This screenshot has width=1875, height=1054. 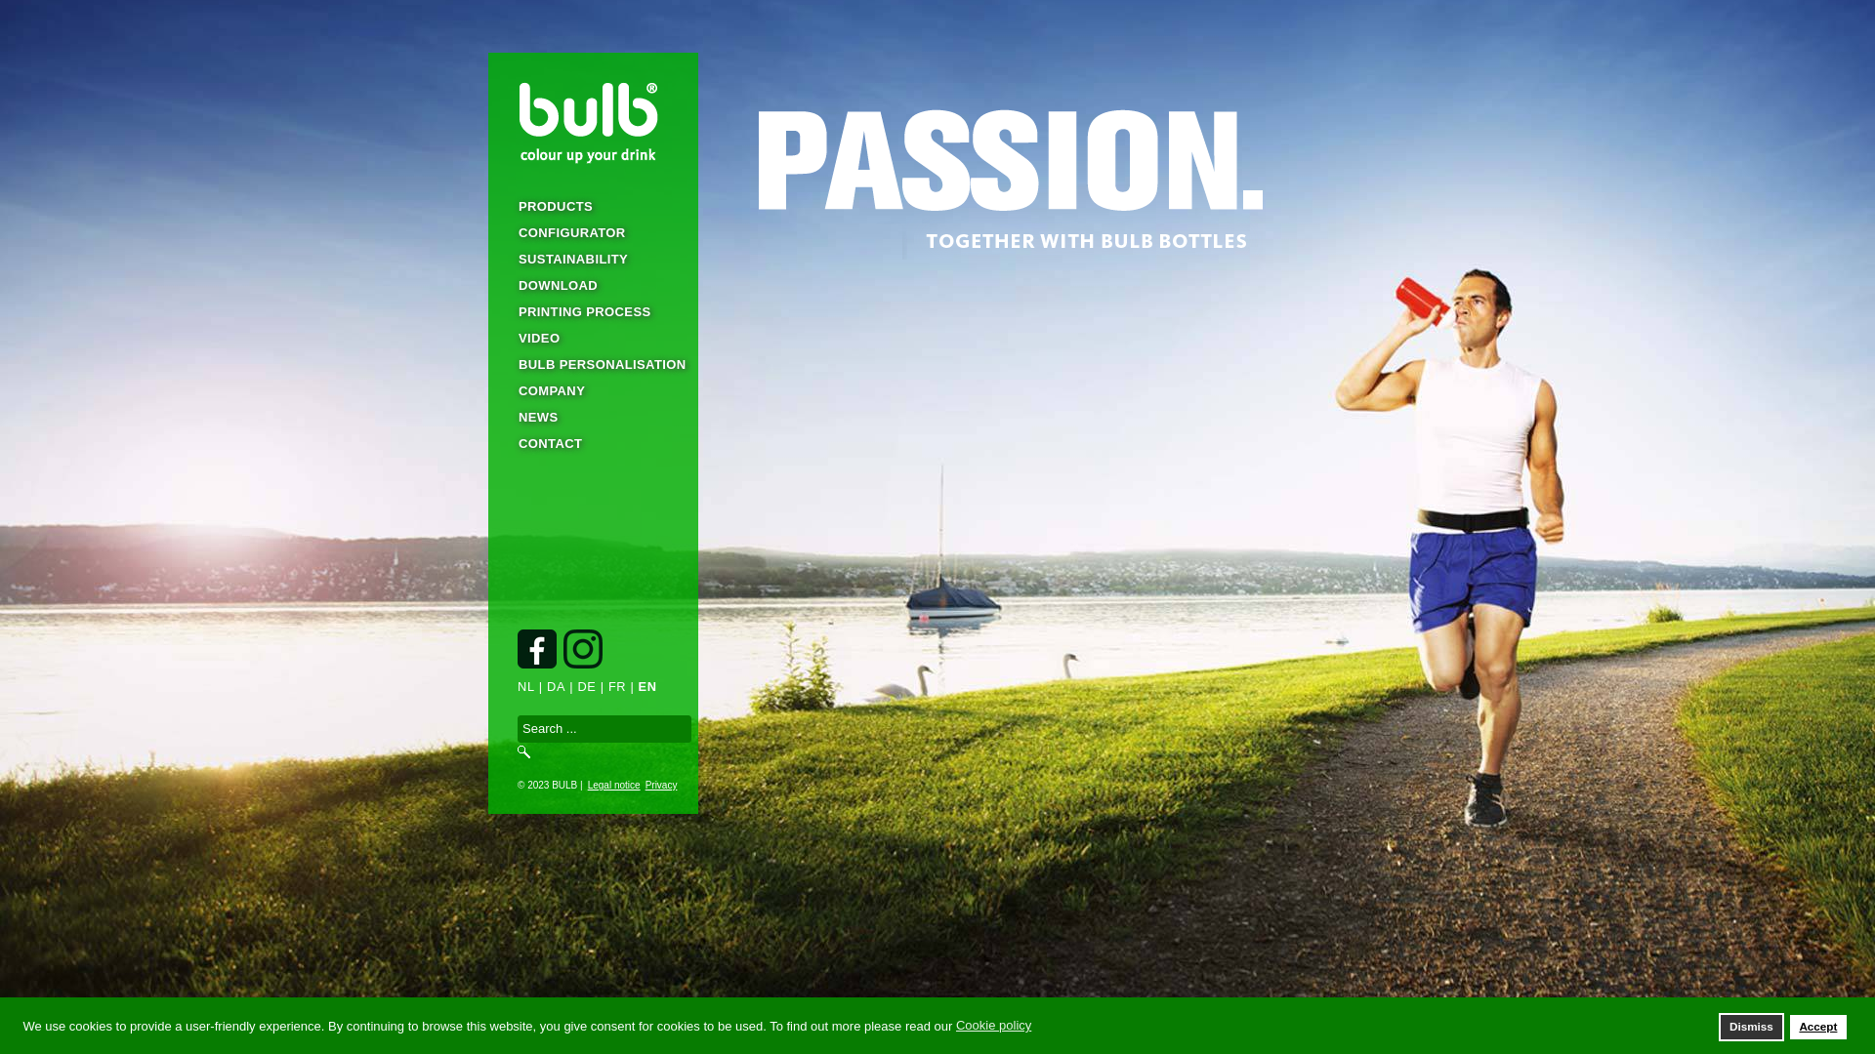 What do you see at coordinates (616, 685) in the screenshot?
I see `'FR'` at bounding box center [616, 685].